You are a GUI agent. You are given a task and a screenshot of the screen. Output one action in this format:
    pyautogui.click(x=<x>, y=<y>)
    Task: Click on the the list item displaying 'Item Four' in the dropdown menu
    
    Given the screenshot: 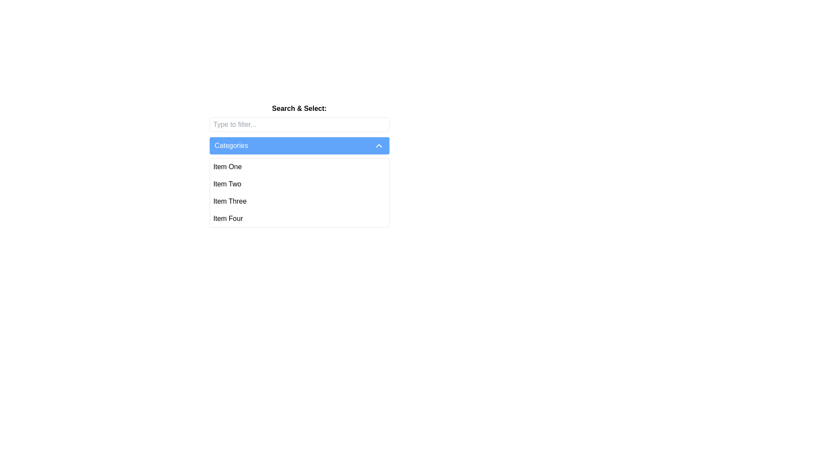 What is the action you would take?
    pyautogui.click(x=228, y=218)
    